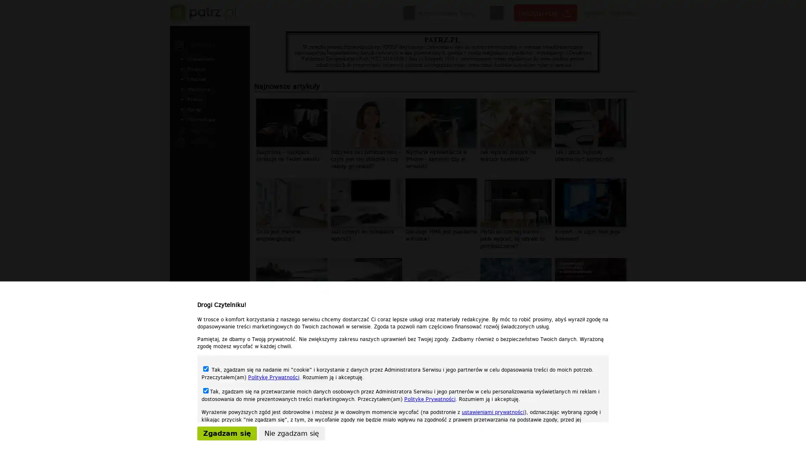 The height and width of the screenshot is (453, 806). I want to click on Ok, rozumiem, so click(449, 443).